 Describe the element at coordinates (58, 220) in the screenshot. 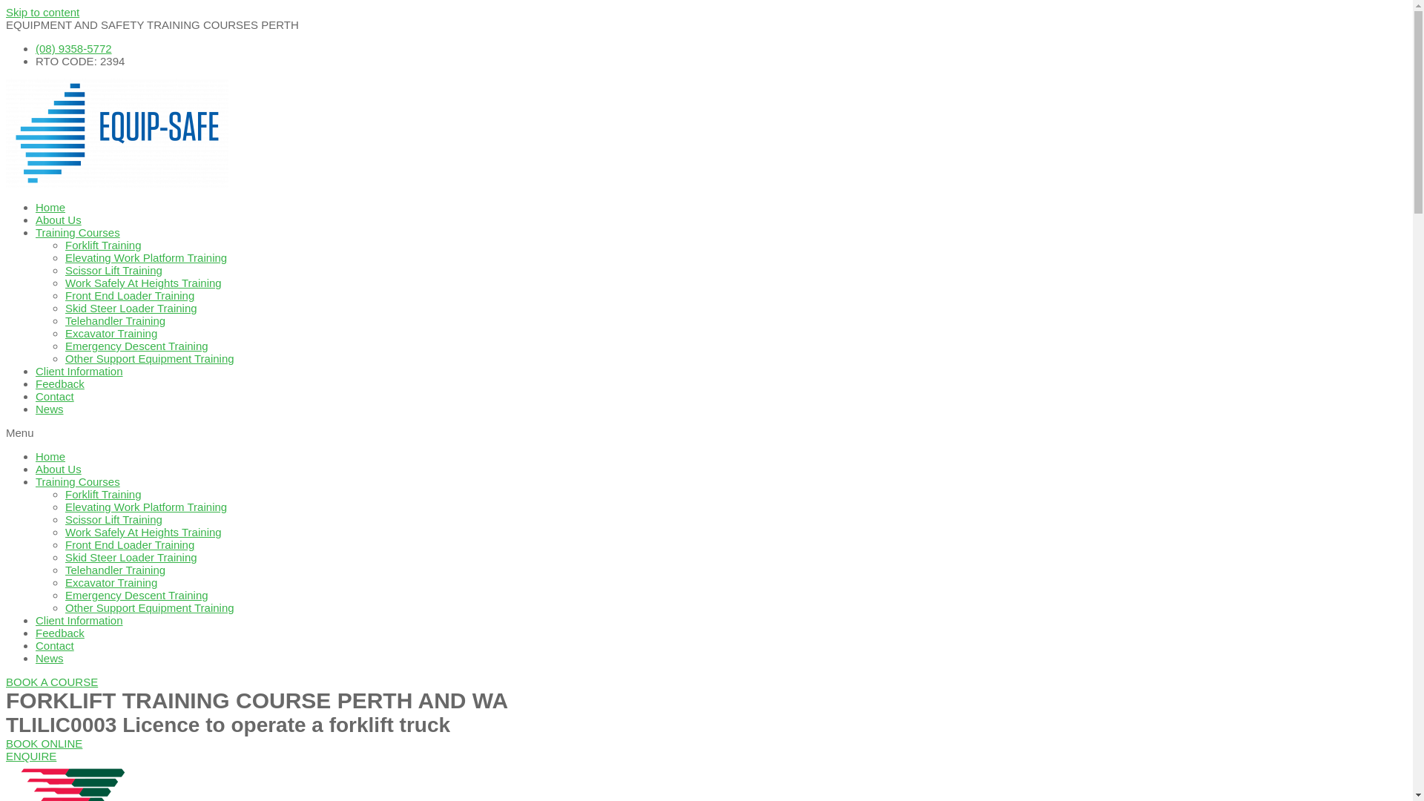

I see `'About Us'` at that location.